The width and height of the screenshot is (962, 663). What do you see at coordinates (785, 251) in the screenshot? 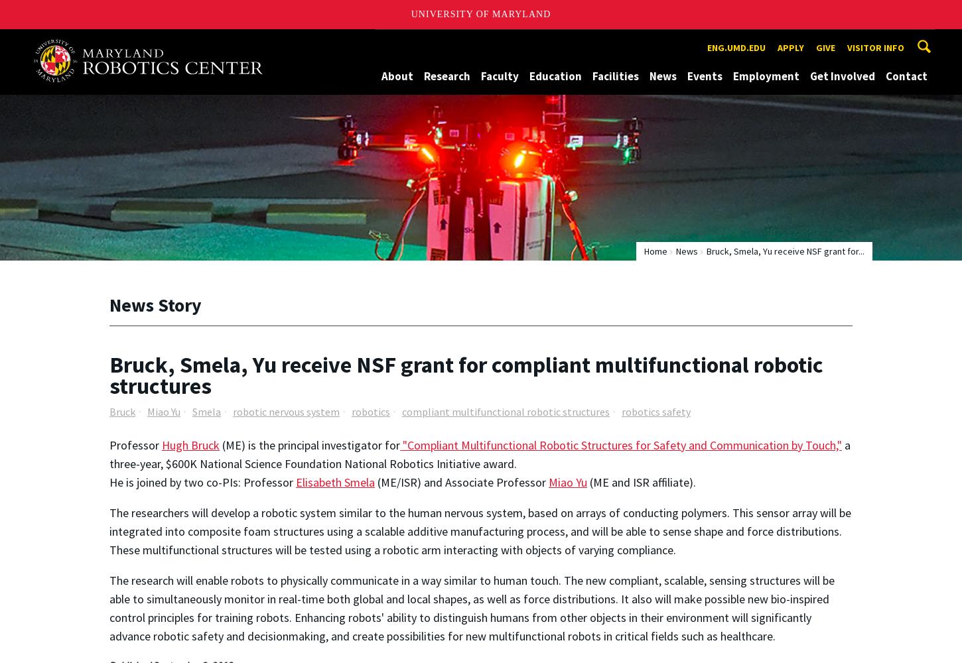
I see `'Bruck, Smela, Yu receive NSF grant for...'` at bounding box center [785, 251].